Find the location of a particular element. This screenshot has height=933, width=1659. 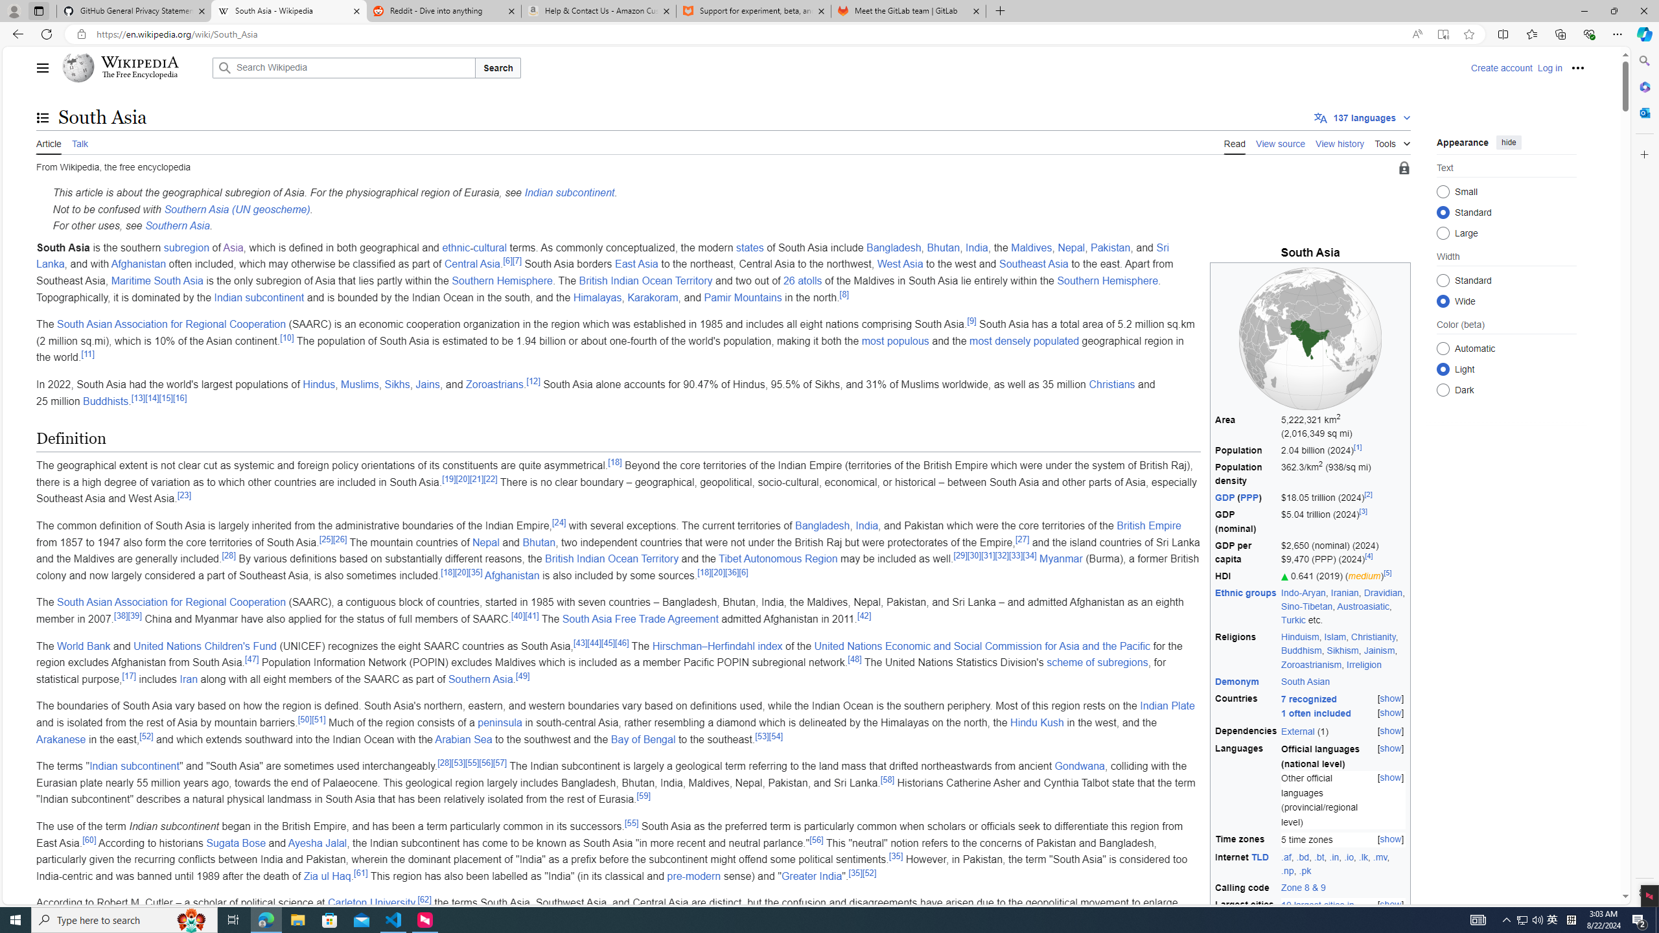

'.mv' is located at coordinates (1378, 856).